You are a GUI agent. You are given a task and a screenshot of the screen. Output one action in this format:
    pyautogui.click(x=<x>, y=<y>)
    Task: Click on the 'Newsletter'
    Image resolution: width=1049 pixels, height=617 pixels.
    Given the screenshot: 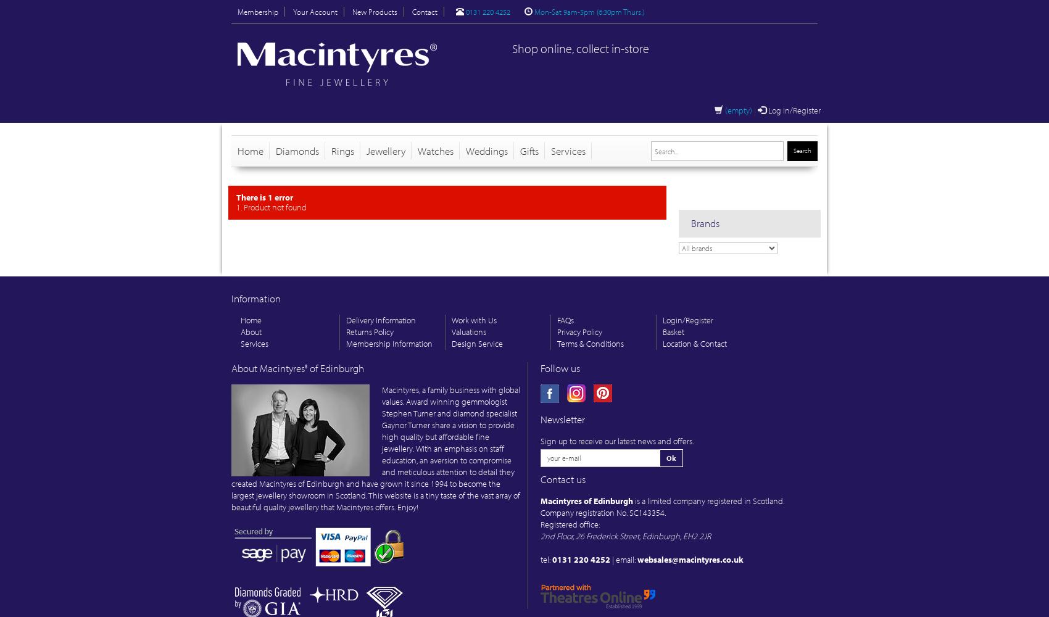 What is the action you would take?
    pyautogui.click(x=563, y=419)
    